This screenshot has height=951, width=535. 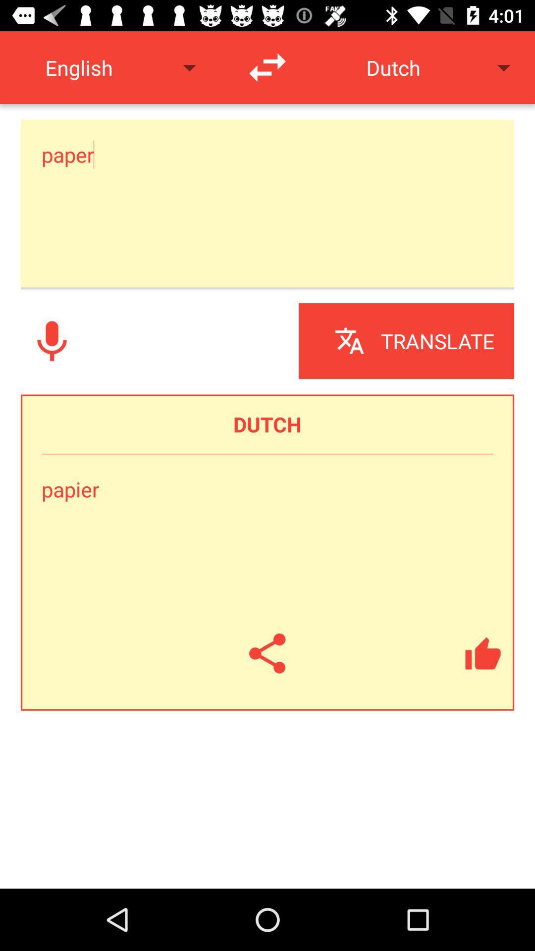 I want to click on record, so click(x=52, y=341).